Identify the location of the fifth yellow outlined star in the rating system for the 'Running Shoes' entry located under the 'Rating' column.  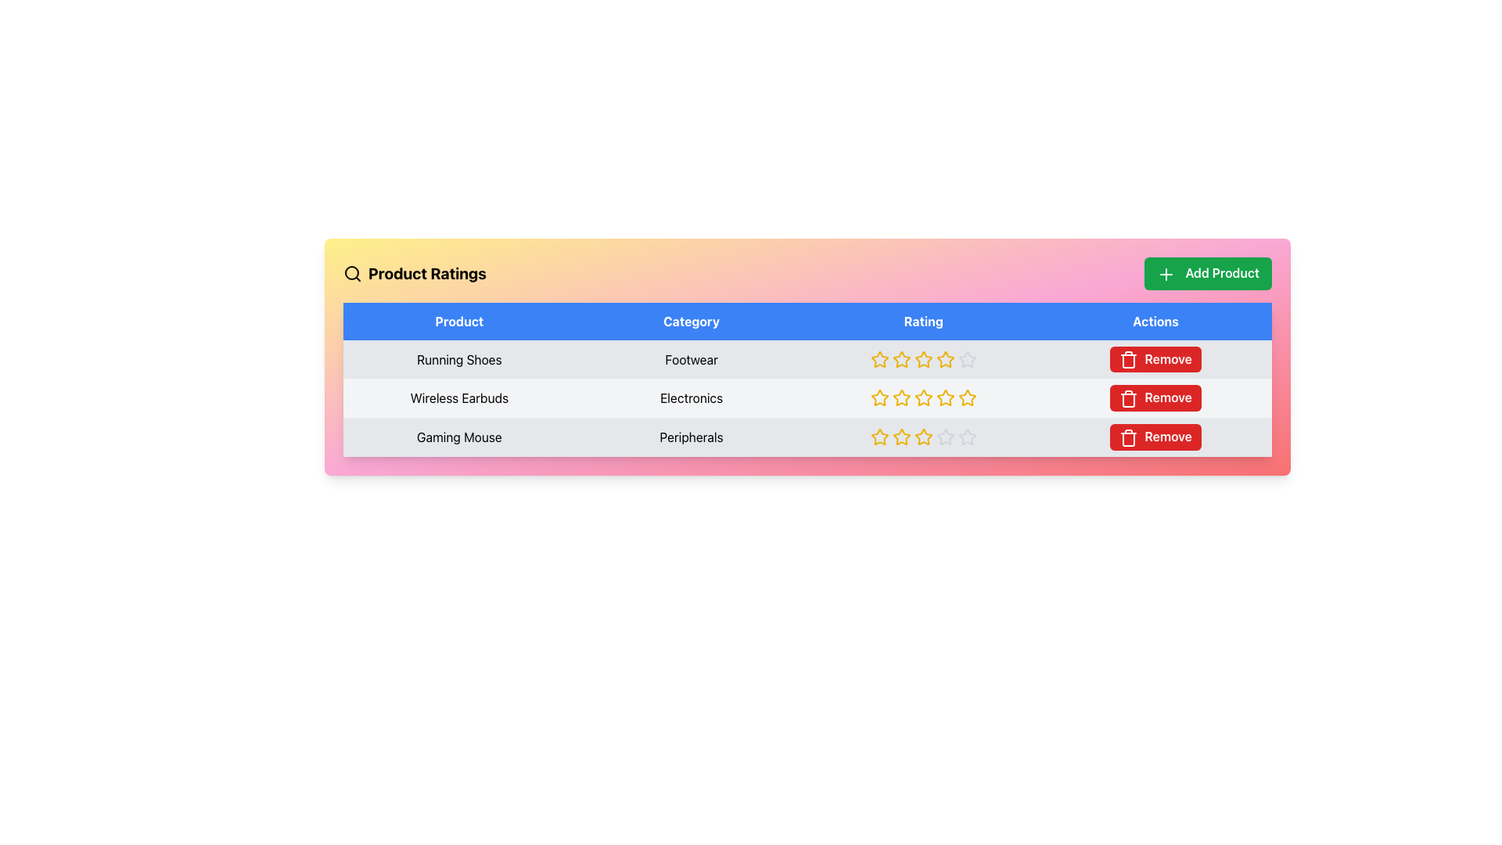
(944, 359).